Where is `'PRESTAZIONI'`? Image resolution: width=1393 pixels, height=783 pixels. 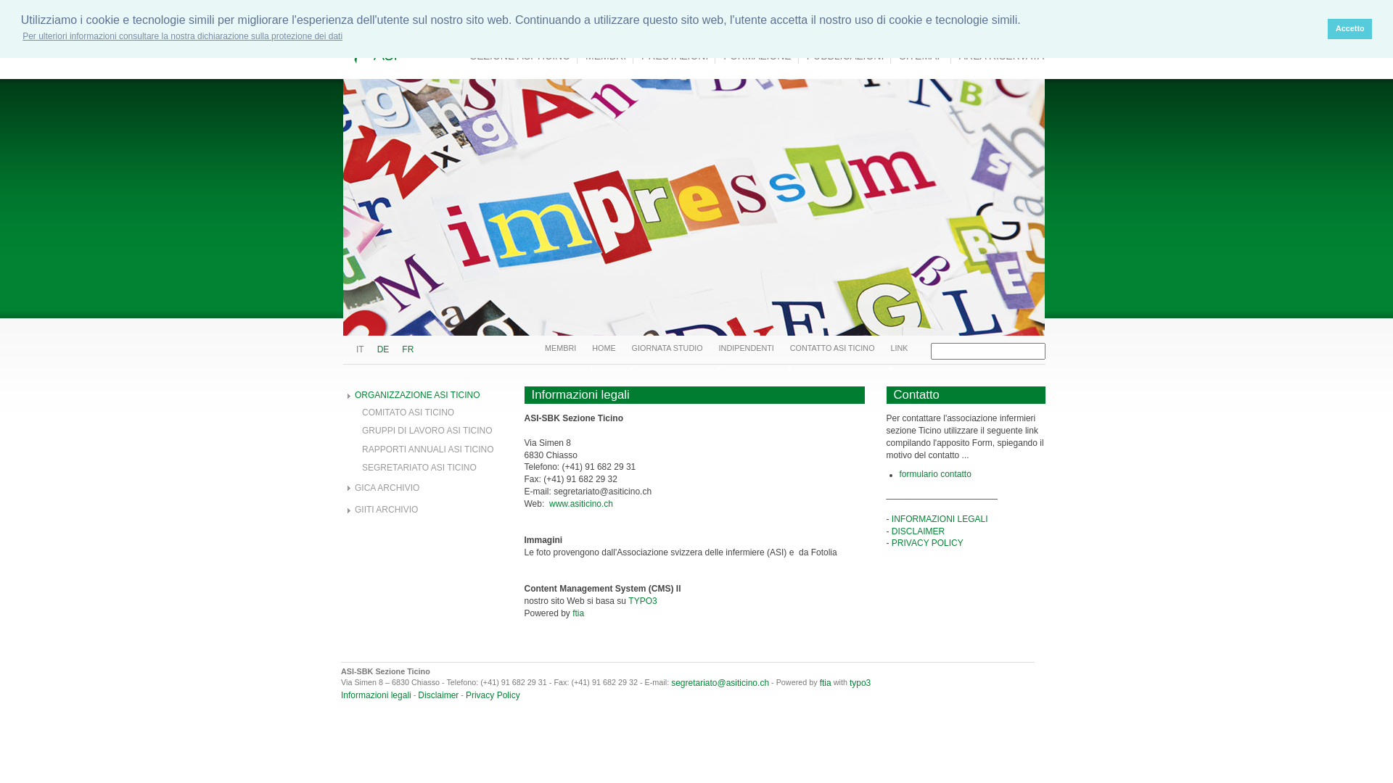 'PRESTAZIONI' is located at coordinates (634, 55).